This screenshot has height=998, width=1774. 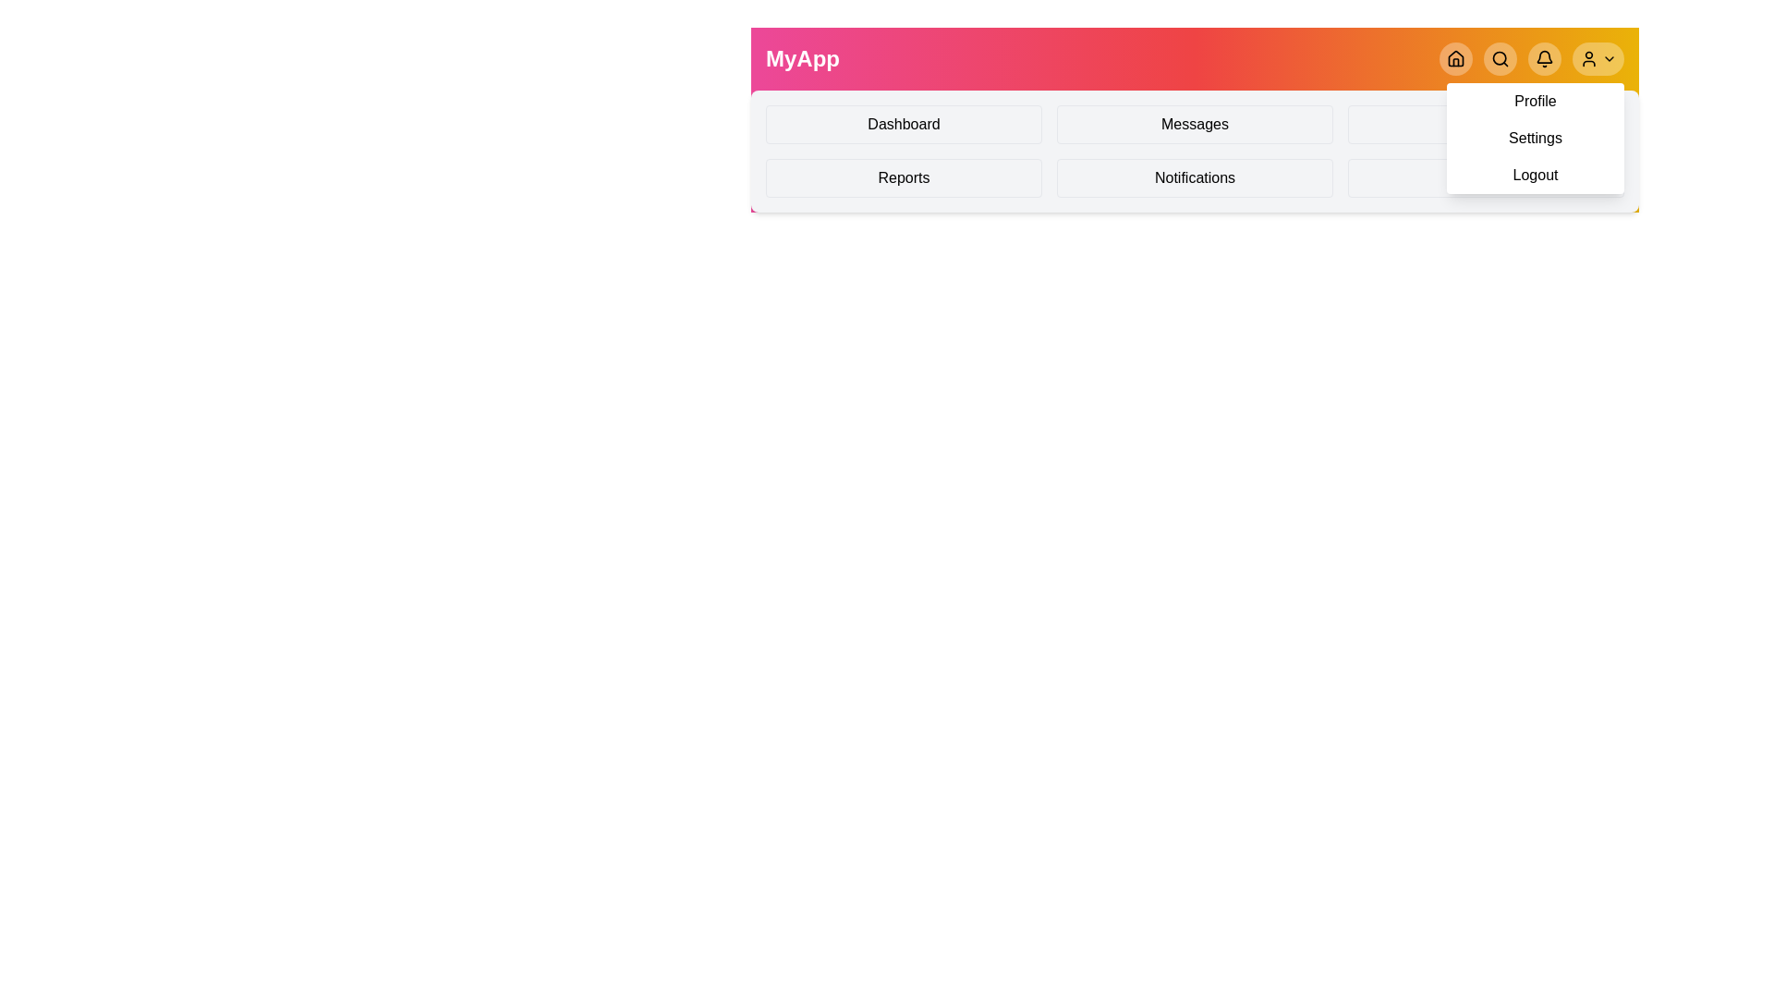 What do you see at coordinates (1486, 125) in the screenshot?
I see `the Settings menu item` at bounding box center [1486, 125].